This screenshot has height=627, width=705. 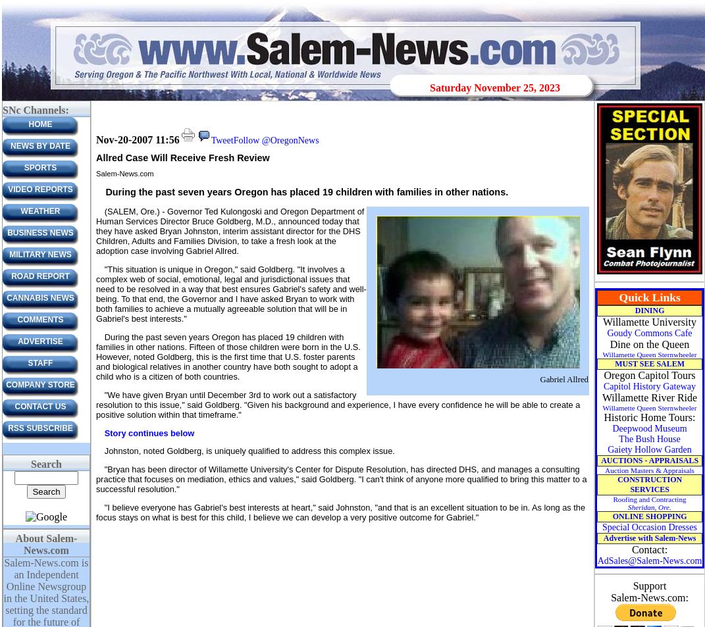 I want to click on 'CONTACT US', so click(x=39, y=407).